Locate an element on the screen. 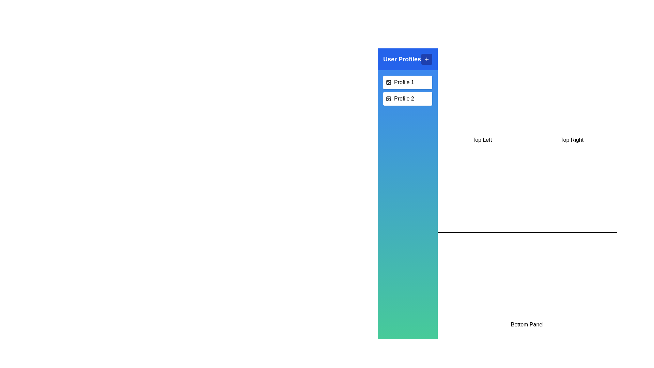 The width and height of the screenshot is (654, 368). the small blue button with a white '+' icon located in the top-right corner of the 'User Profiles' section in the blue toolbar is located at coordinates (426, 59).